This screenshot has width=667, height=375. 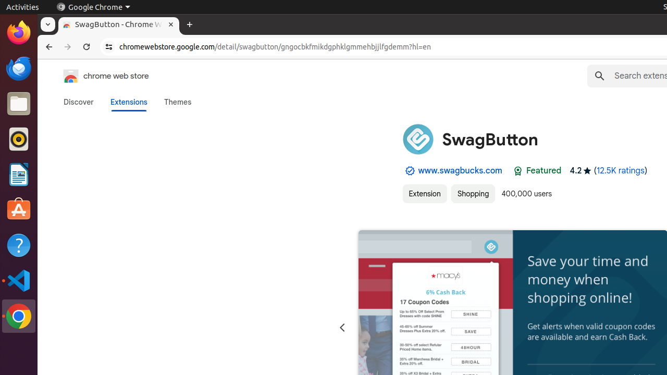 What do you see at coordinates (128, 102) in the screenshot?
I see `'Extensions'` at bounding box center [128, 102].